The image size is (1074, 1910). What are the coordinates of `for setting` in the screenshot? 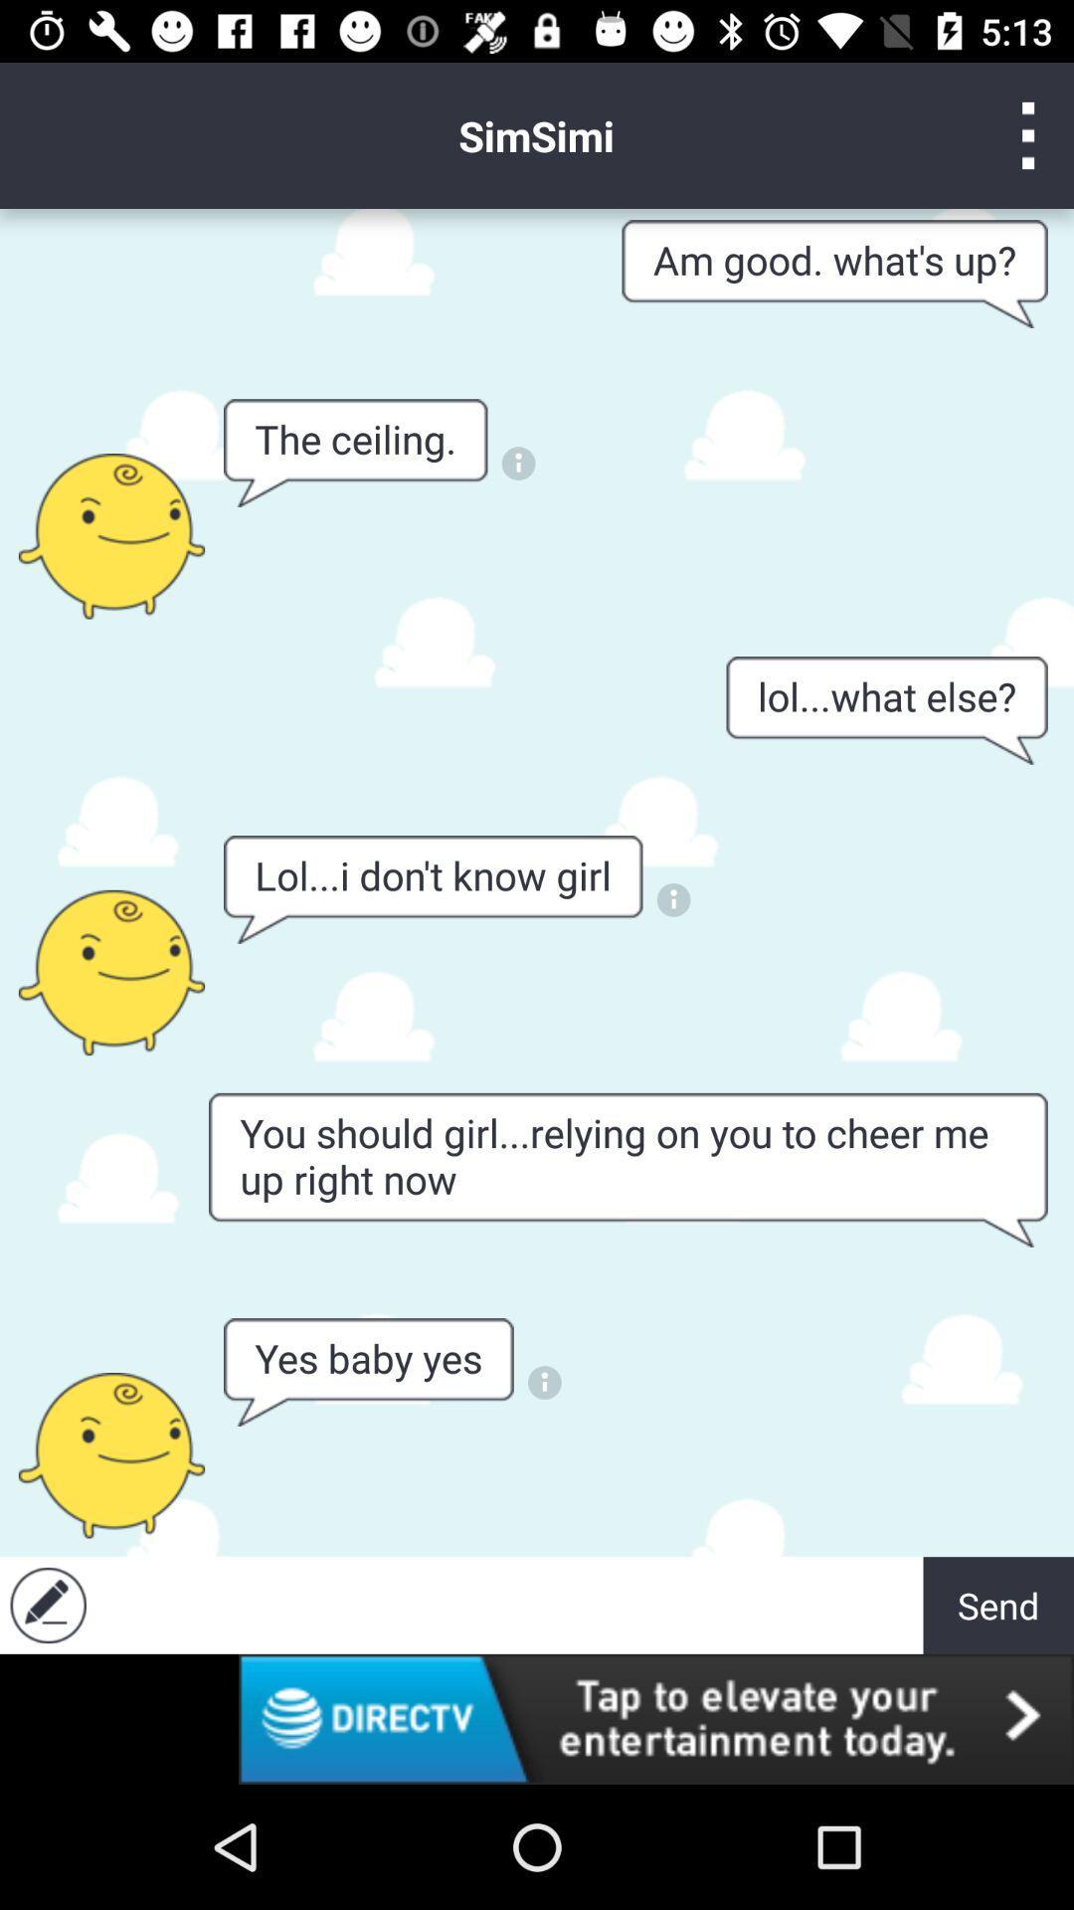 It's located at (1028, 134).